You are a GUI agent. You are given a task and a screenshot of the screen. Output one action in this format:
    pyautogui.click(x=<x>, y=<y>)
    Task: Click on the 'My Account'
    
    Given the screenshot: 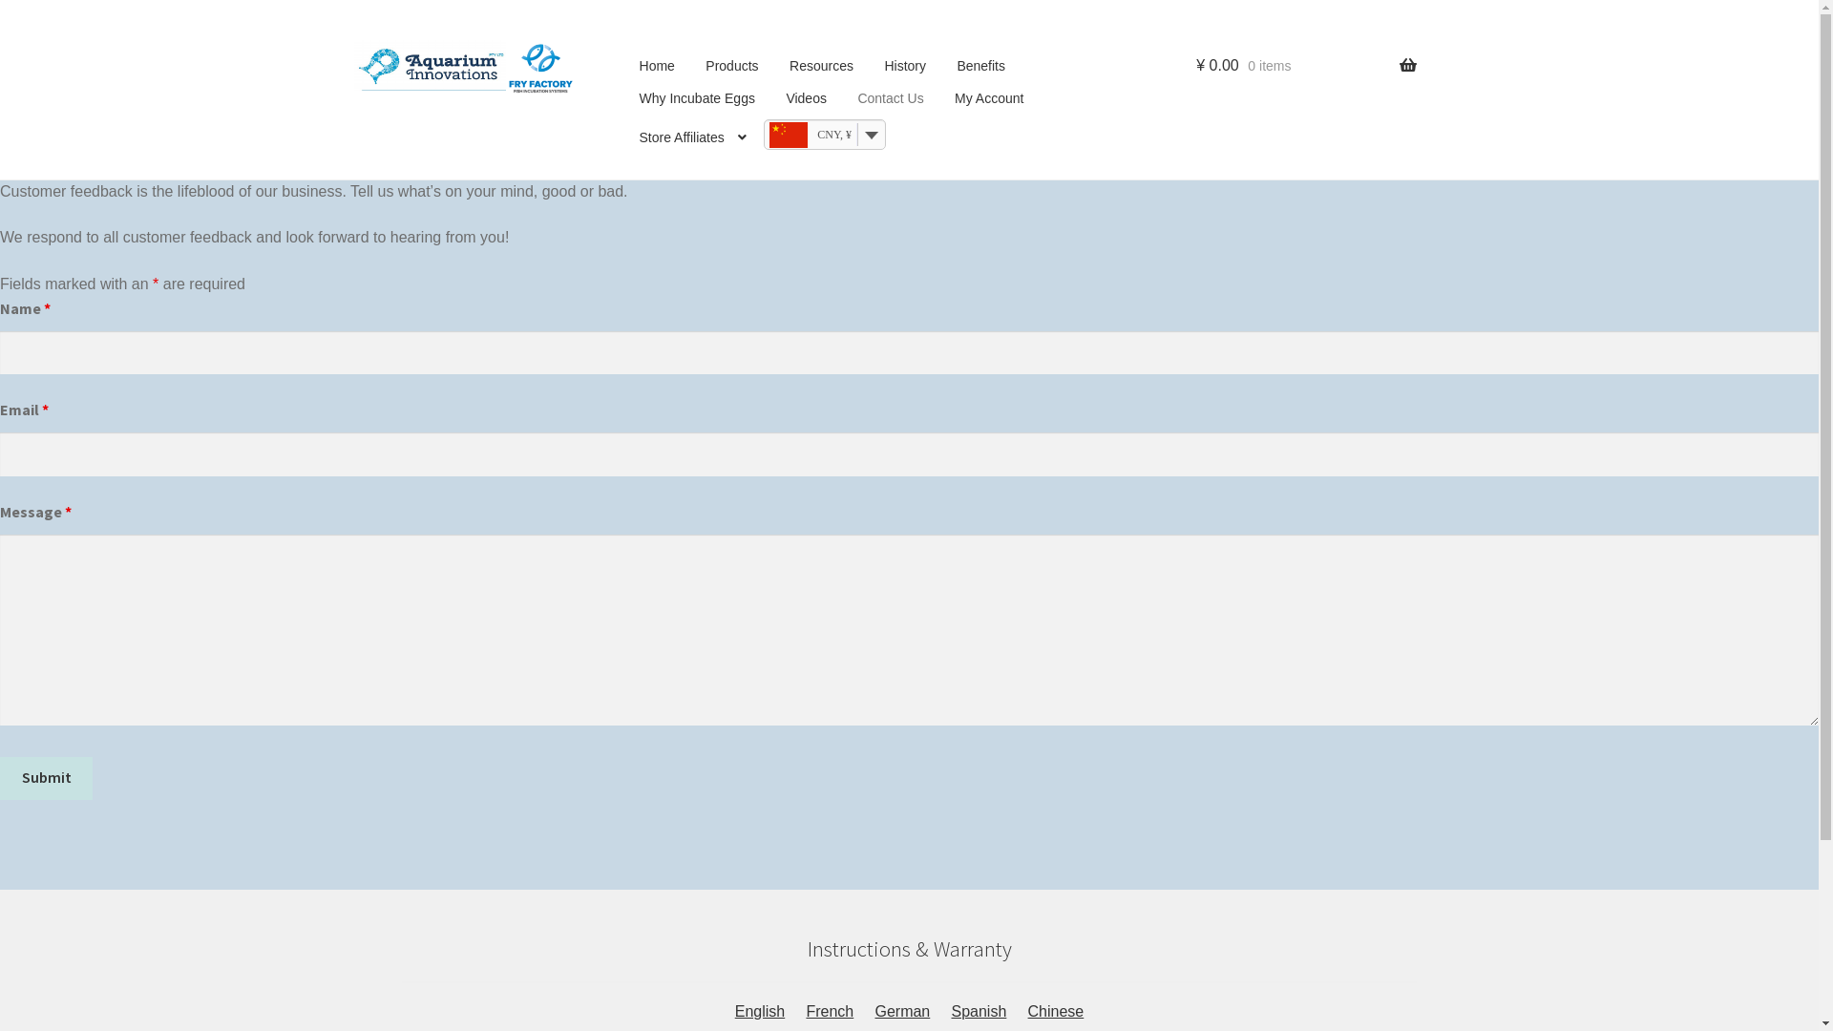 What is the action you would take?
    pyautogui.click(x=989, y=103)
    